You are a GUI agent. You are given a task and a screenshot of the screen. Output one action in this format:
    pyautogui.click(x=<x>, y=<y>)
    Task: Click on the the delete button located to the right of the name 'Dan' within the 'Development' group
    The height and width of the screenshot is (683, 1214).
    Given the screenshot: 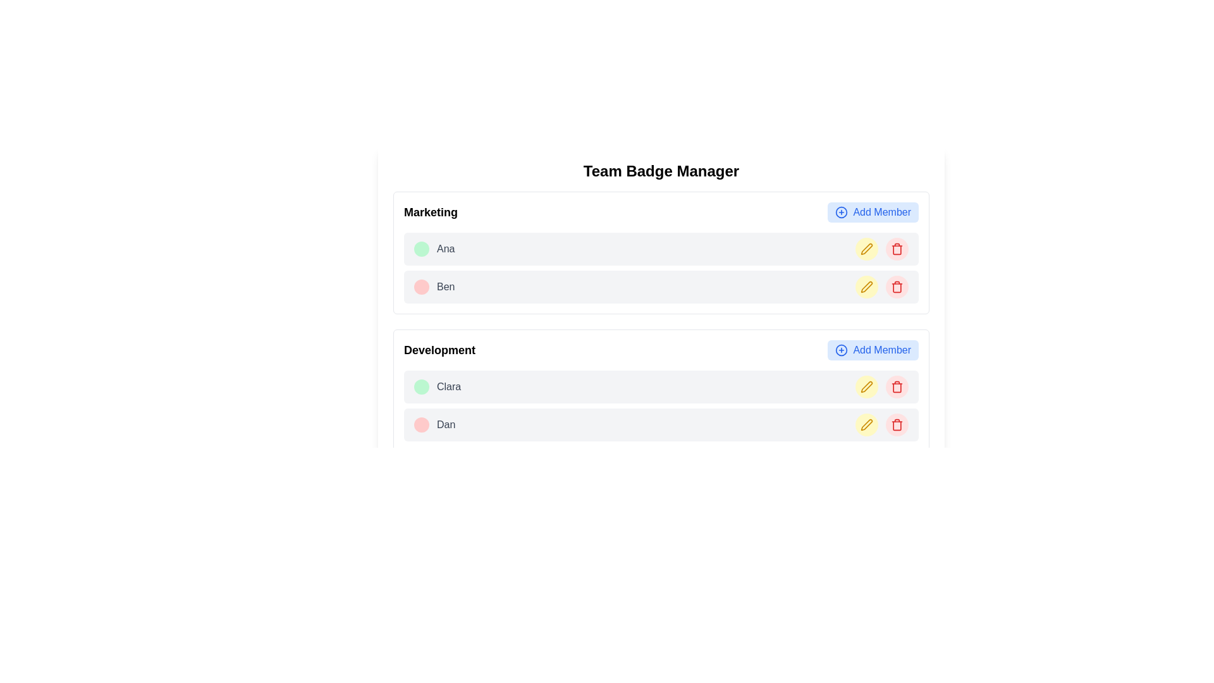 What is the action you would take?
    pyautogui.click(x=897, y=424)
    